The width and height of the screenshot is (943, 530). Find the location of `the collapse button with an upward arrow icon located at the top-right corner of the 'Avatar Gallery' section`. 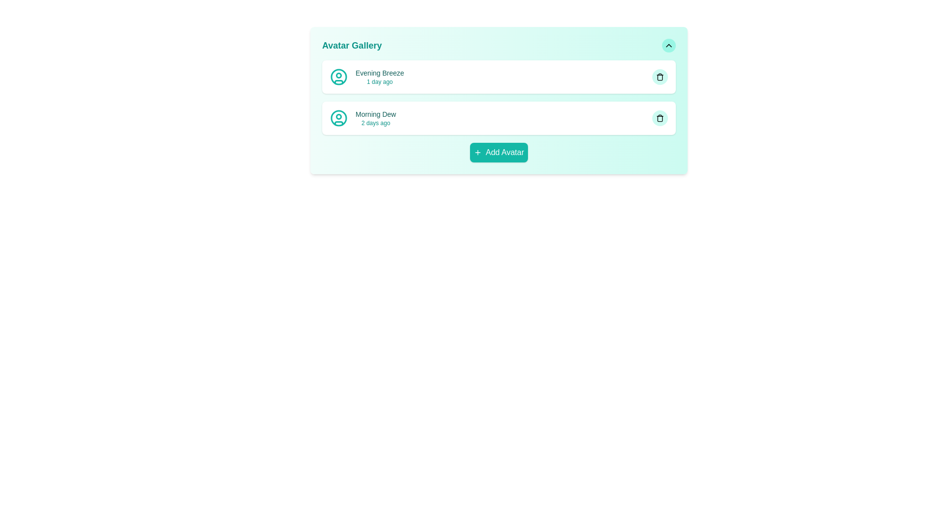

the collapse button with an upward arrow icon located at the top-right corner of the 'Avatar Gallery' section is located at coordinates (668, 45).